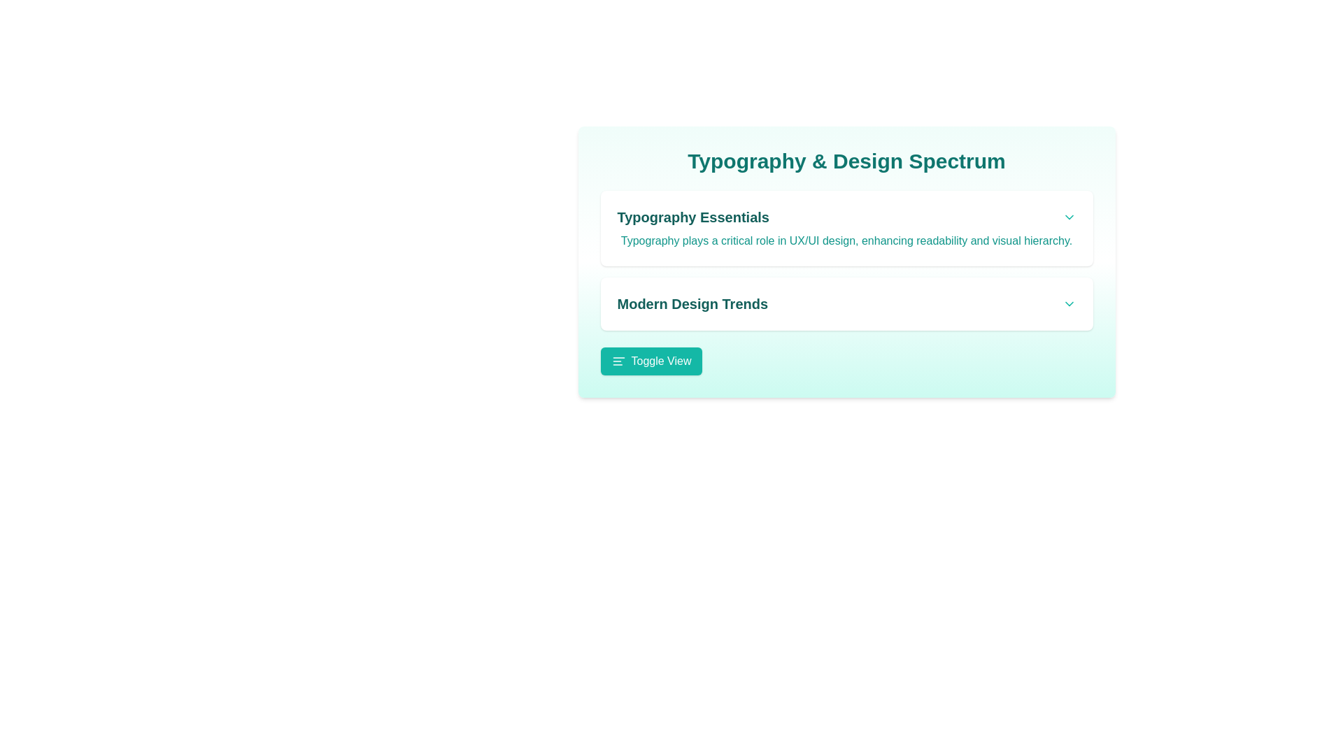  I want to click on the downward-pointing teal chevron icon located on the far right side of the horizontal bar containing 'Modern Design Trends' to change its color, so click(1068, 303).